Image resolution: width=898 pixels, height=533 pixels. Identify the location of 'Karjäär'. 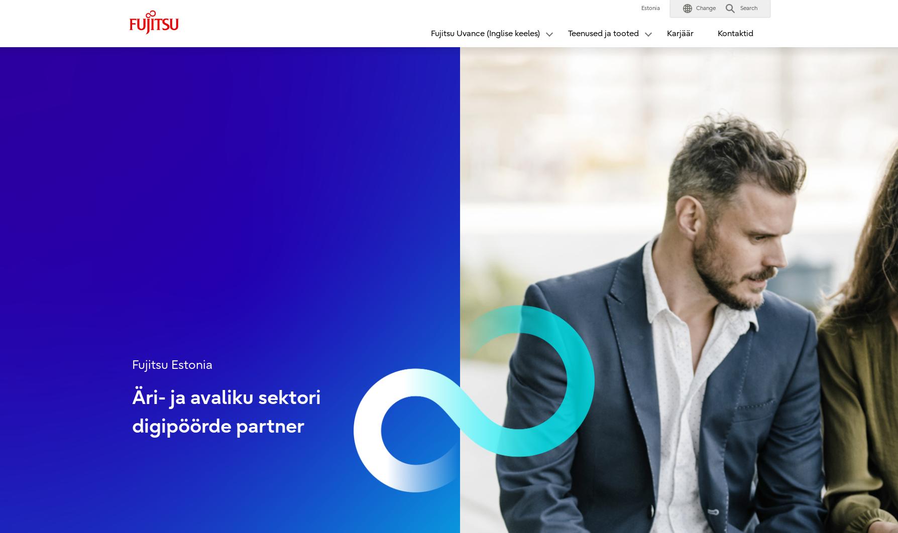
(680, 34).